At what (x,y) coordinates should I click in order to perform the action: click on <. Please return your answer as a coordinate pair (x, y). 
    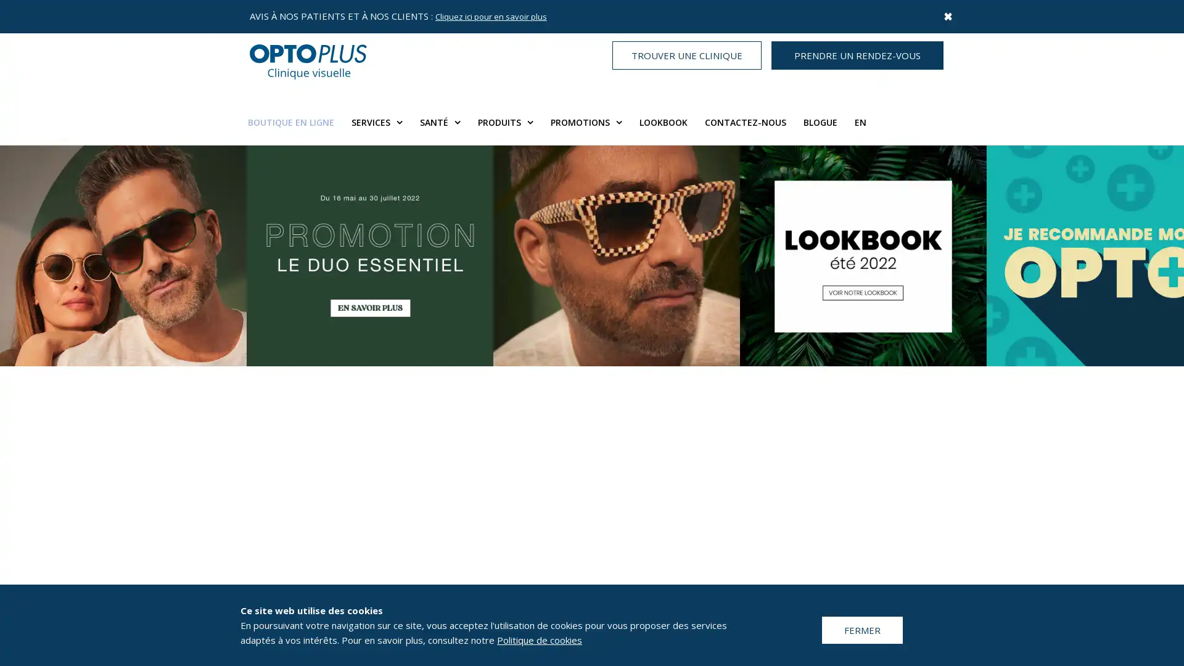
    Looking at the image, I should click on (24, 434).